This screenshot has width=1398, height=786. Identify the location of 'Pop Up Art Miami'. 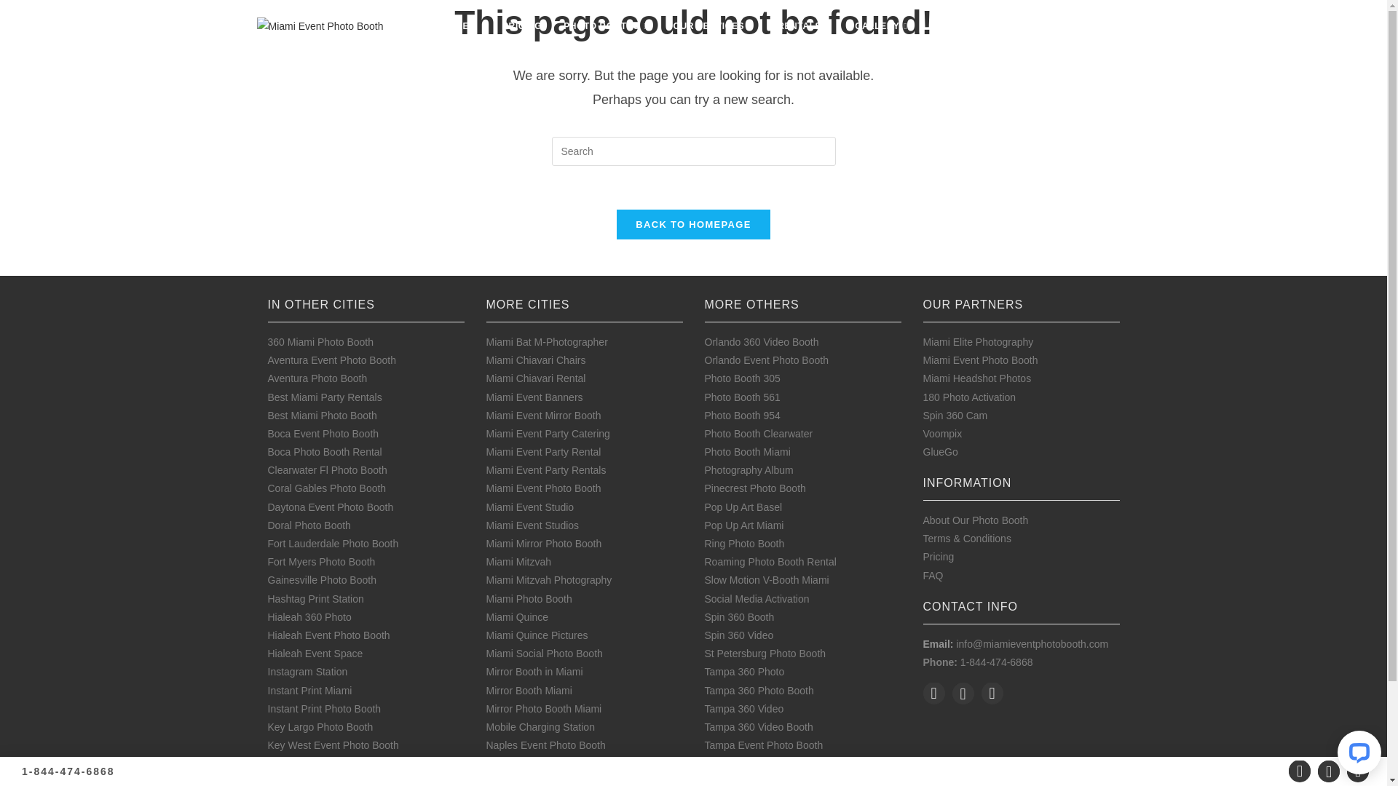
(744, 525).